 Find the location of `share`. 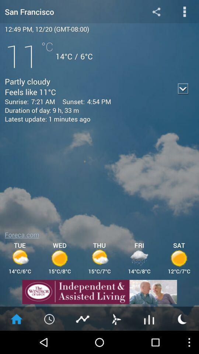

share is located at coordinates (156, 11).